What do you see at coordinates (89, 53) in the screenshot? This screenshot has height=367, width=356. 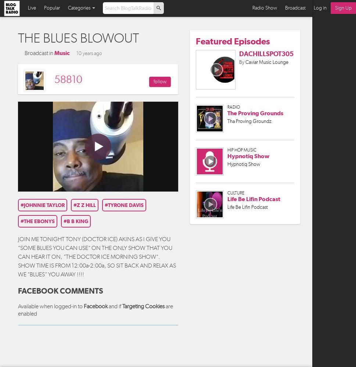 I see `'10 years ago'` at bounding box center [89, 53].